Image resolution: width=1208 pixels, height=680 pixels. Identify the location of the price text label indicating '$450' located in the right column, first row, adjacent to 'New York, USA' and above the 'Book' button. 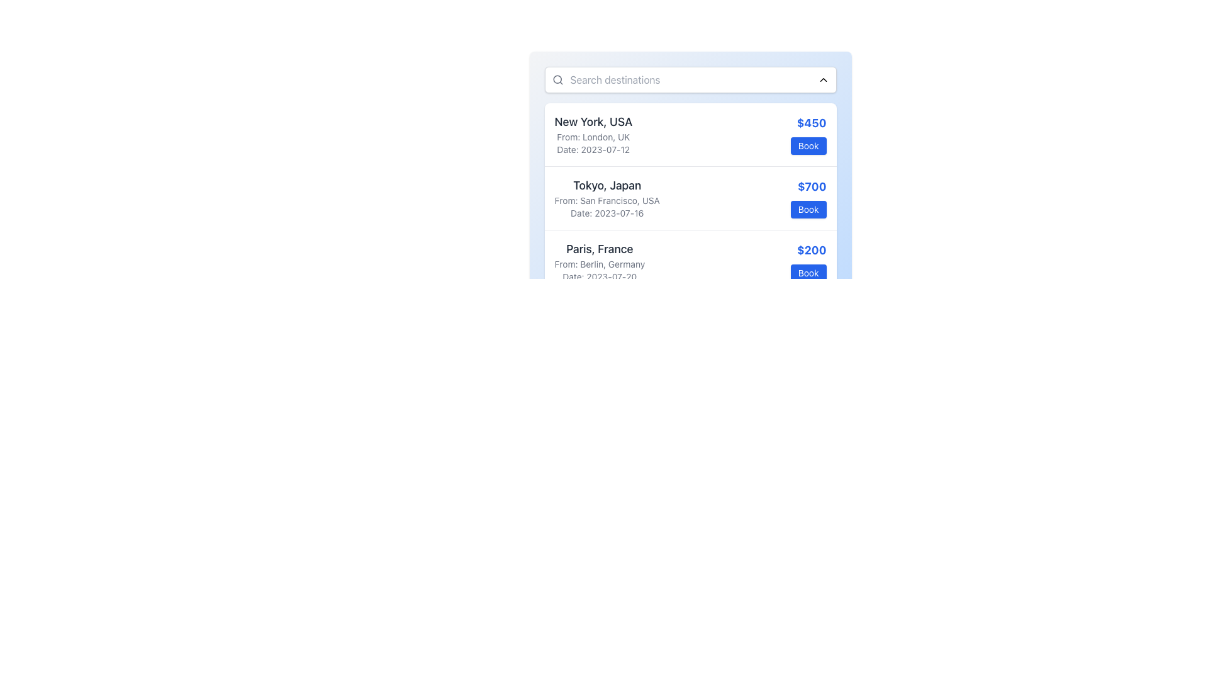
(808, 123).